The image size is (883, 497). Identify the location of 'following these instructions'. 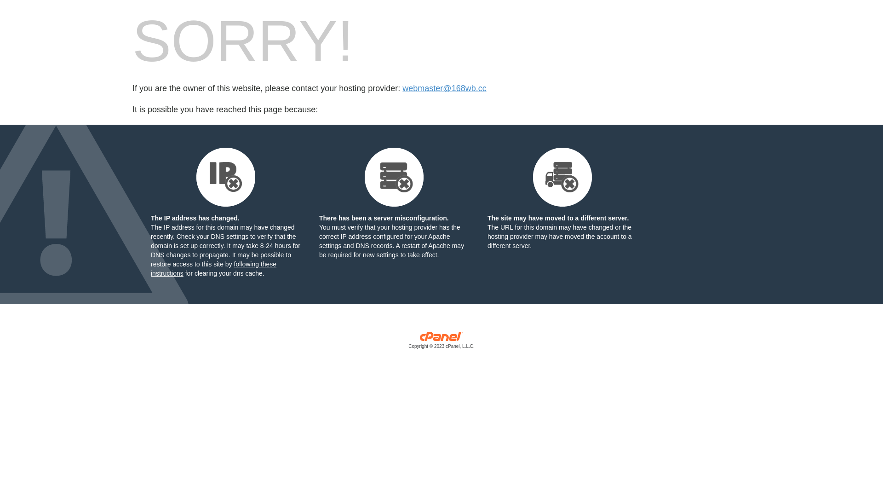
(213, 268).